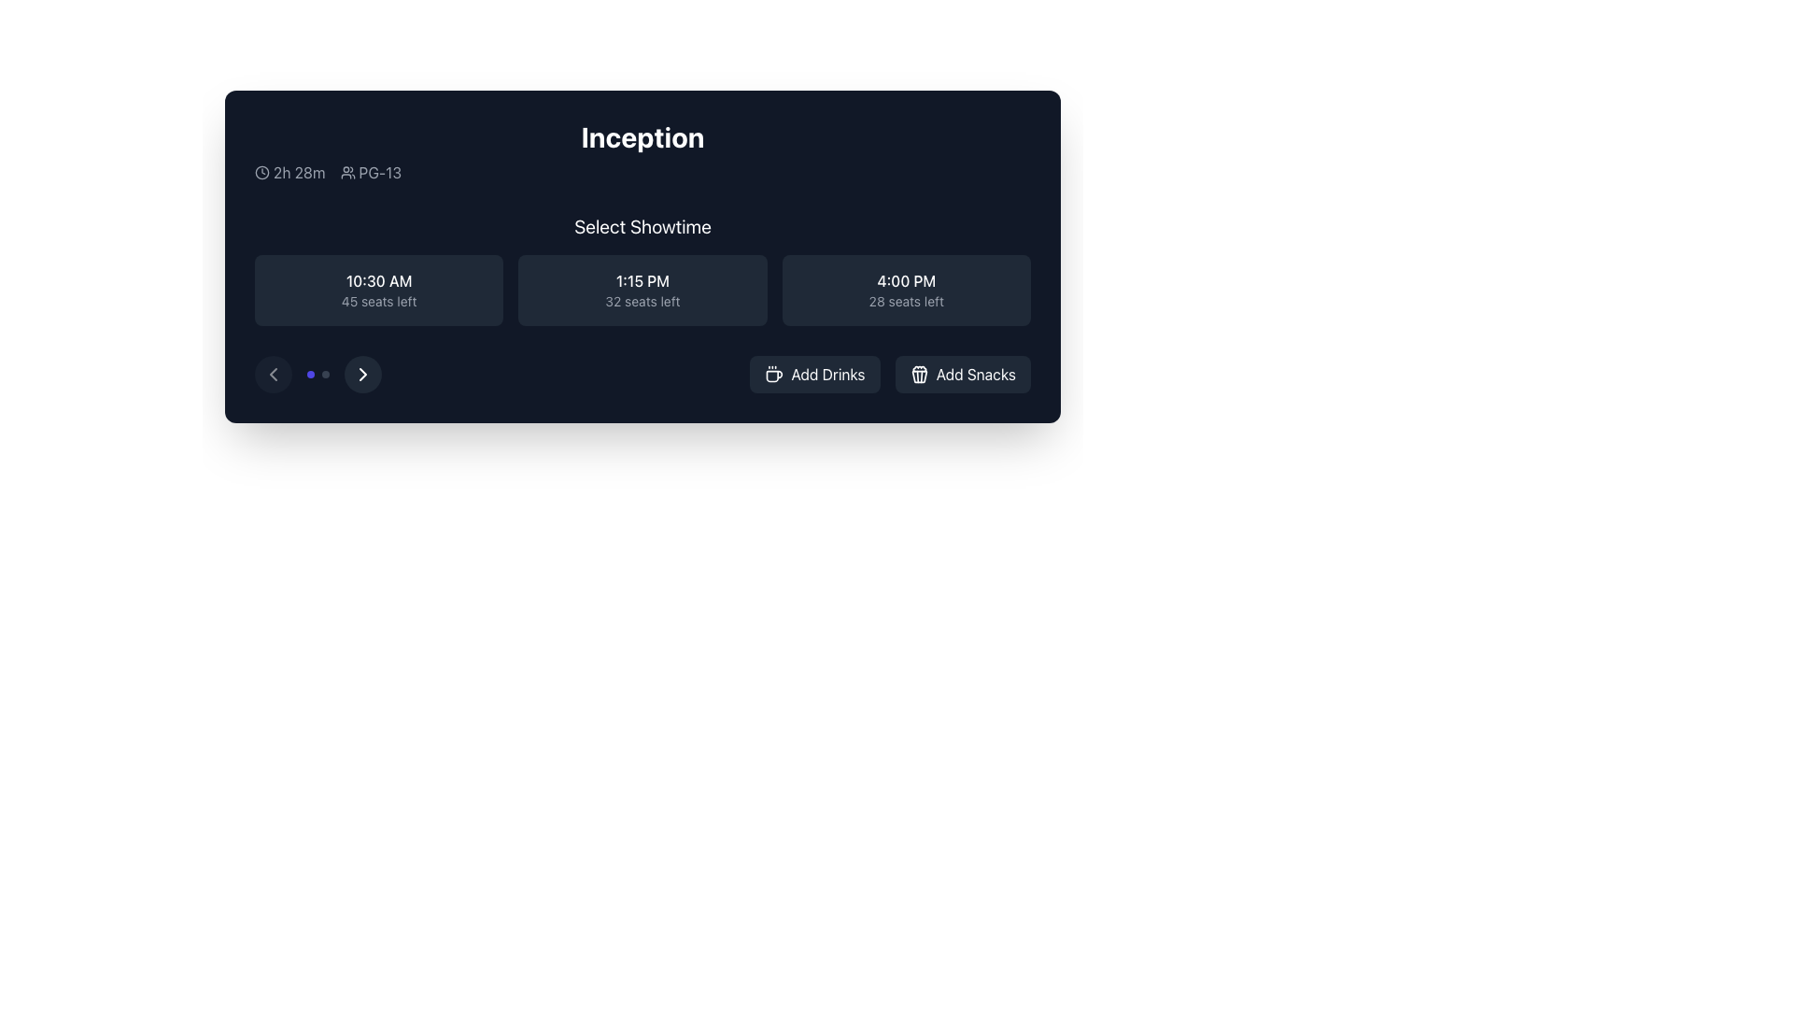 The height and width of the screenshot is (1009, 1793). I want to click on the header label that guides the user to the showtime selection area, which is centered horizontally above the interactive buttons, so click(642, 226).